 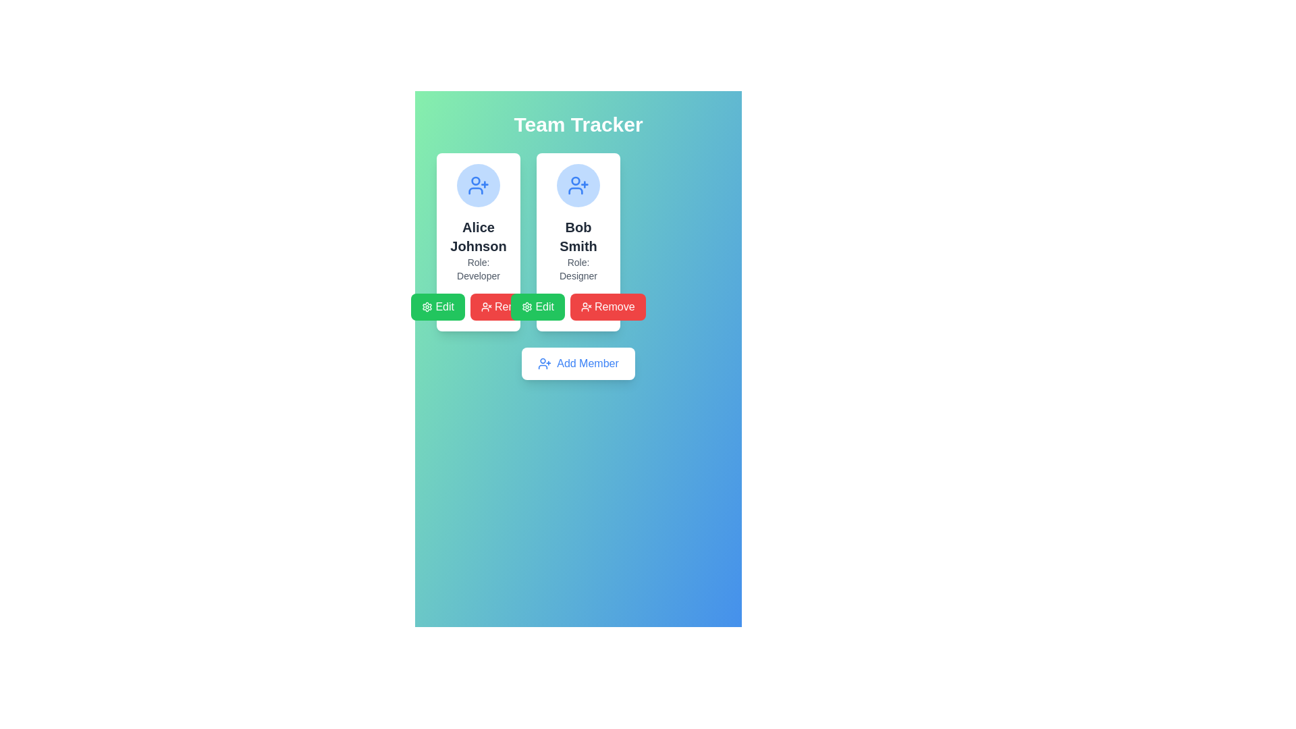 I want to click on the green 'Edit' button with rounded corners and a gear icon, so click(x=537, y=307).